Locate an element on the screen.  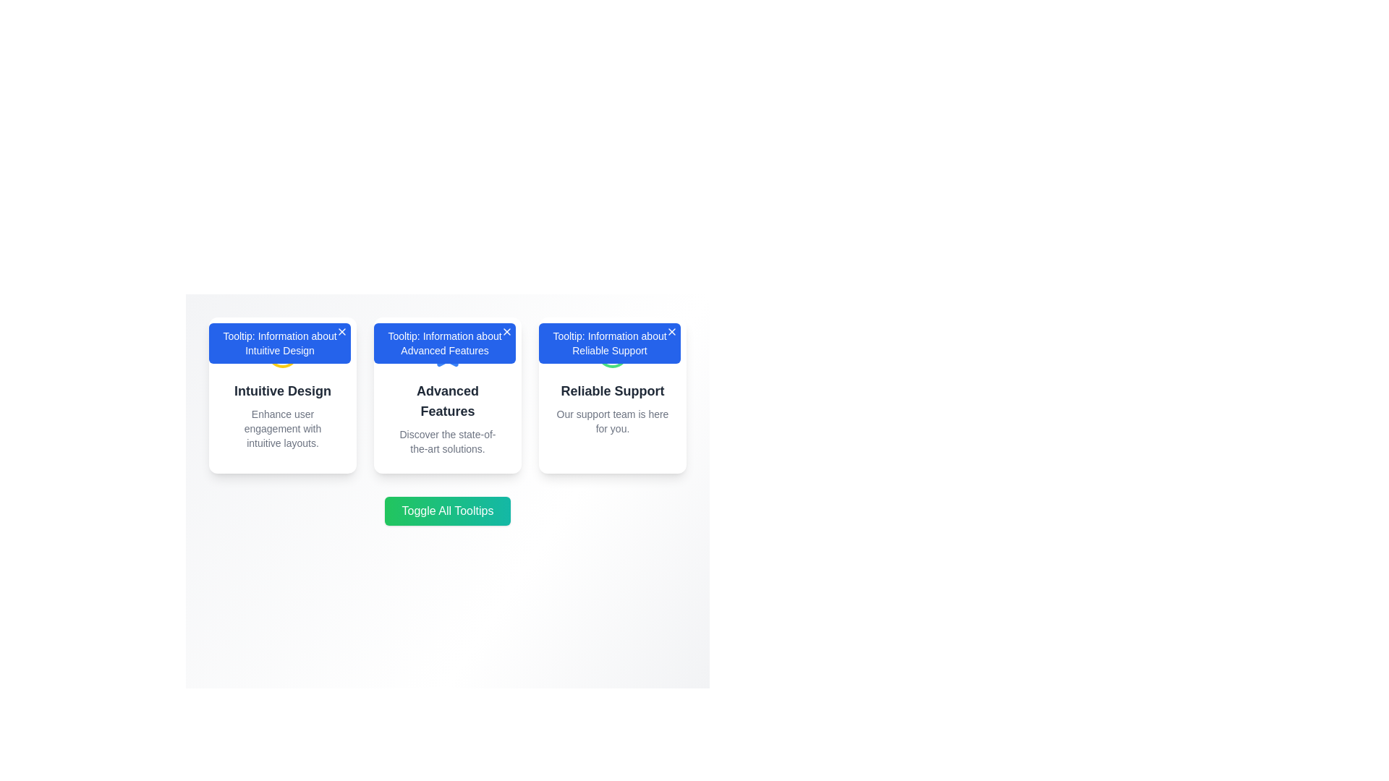
the close button located in the top-right corner of the tooltip titled 'Tooltip: Information about Intuitive Design' is located at coordinates (341, 332).